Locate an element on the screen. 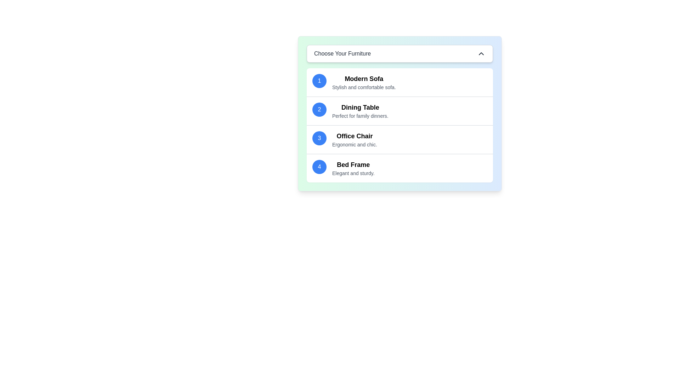  the third list item displaying the number '3' in a blue circular badge, labeled 'Office Chair' with the subtitle 'Ergonomic and chic.' is located at coordinates (399, 139).